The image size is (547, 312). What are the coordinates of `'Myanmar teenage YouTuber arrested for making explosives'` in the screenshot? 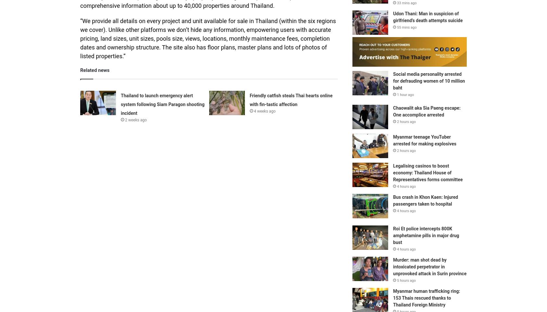 It's located at (393, 140).